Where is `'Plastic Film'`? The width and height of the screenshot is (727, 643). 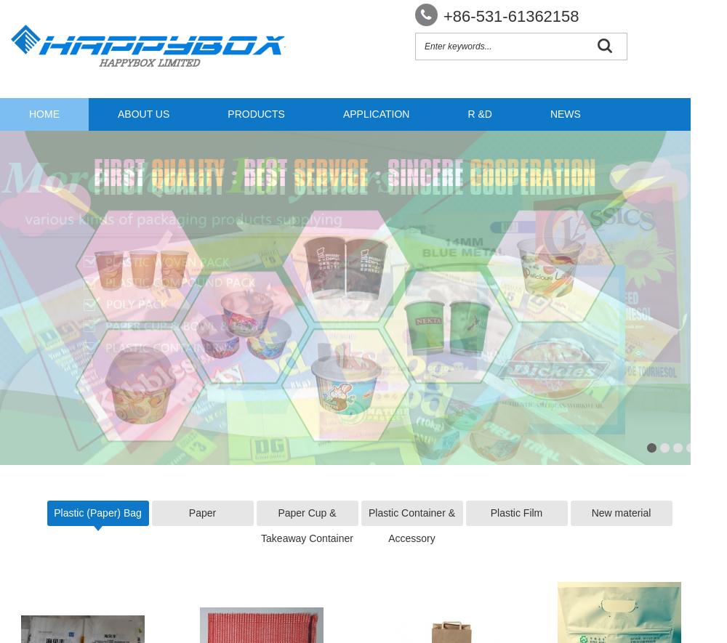
'Plastic Film' is located at coordinates (490, 511).